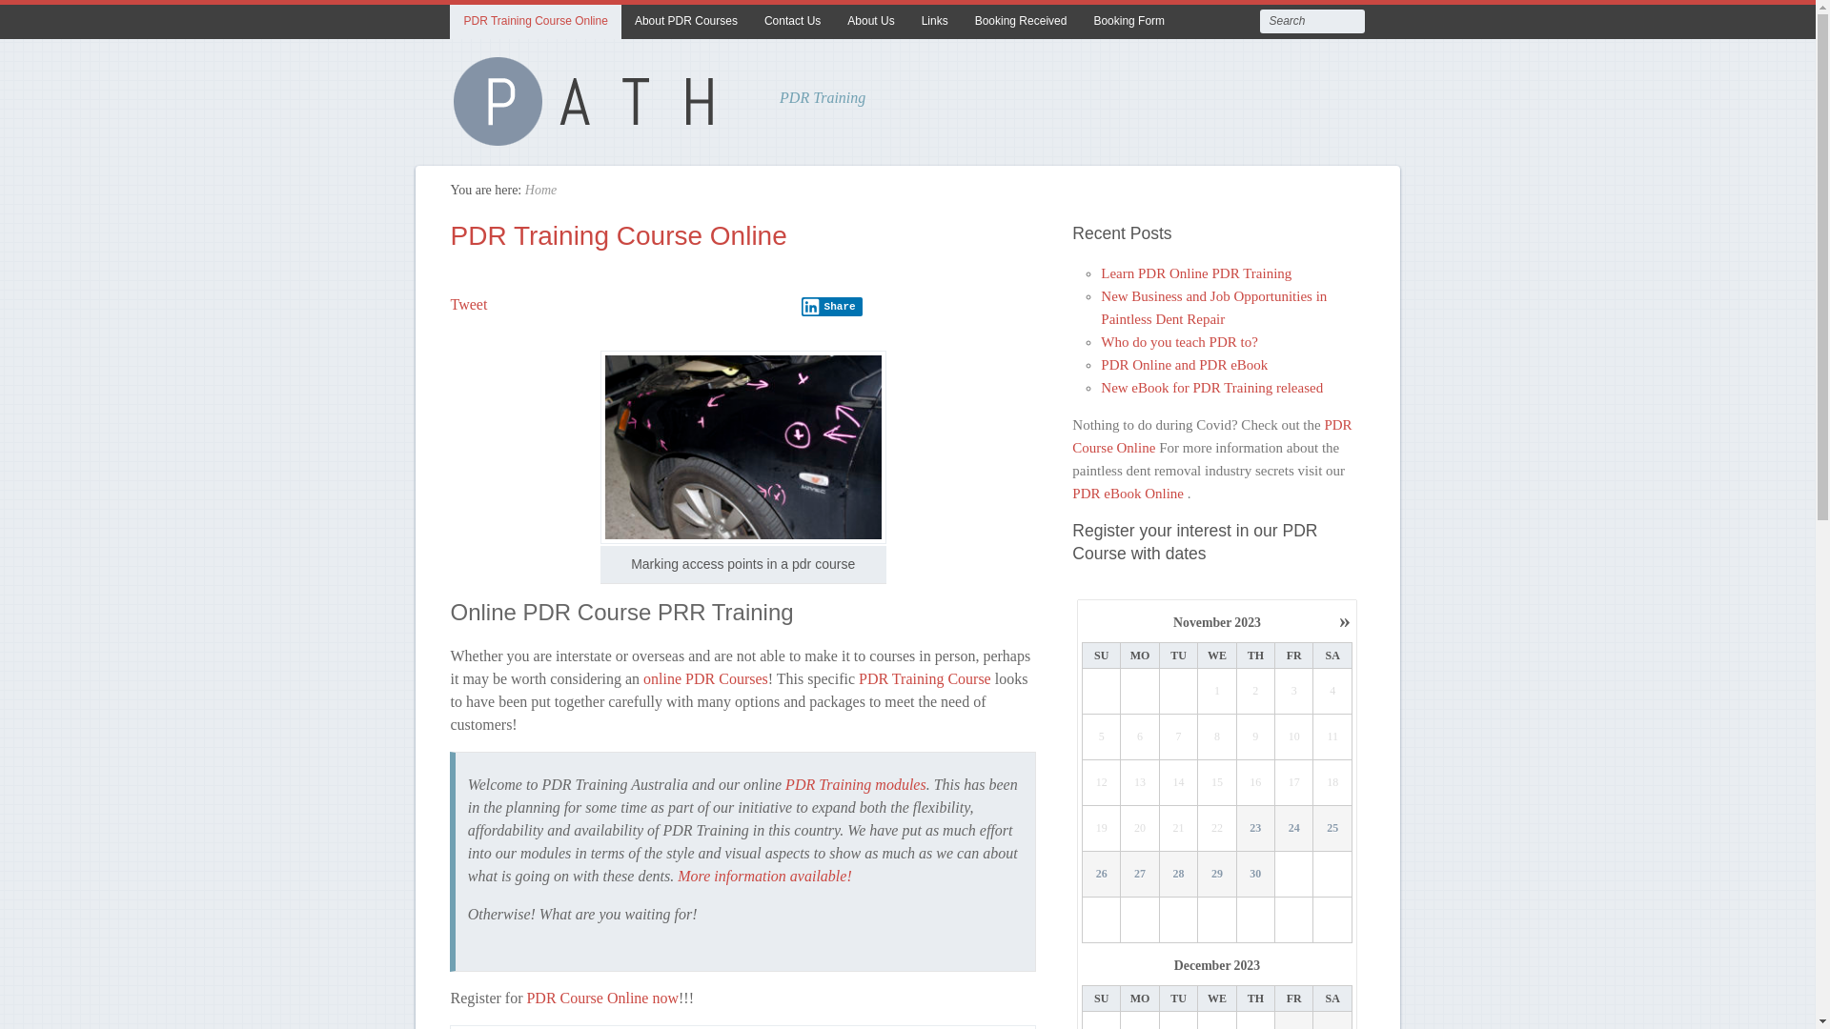  I want to click on 'New Business and Job Opportunities in Paintless Dent Repair', so click(1212, 307).